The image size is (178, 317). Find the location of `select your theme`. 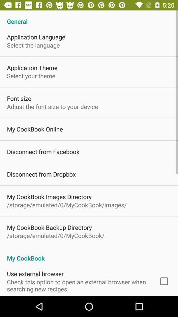

select your theme is located at coordinates (31, 76).